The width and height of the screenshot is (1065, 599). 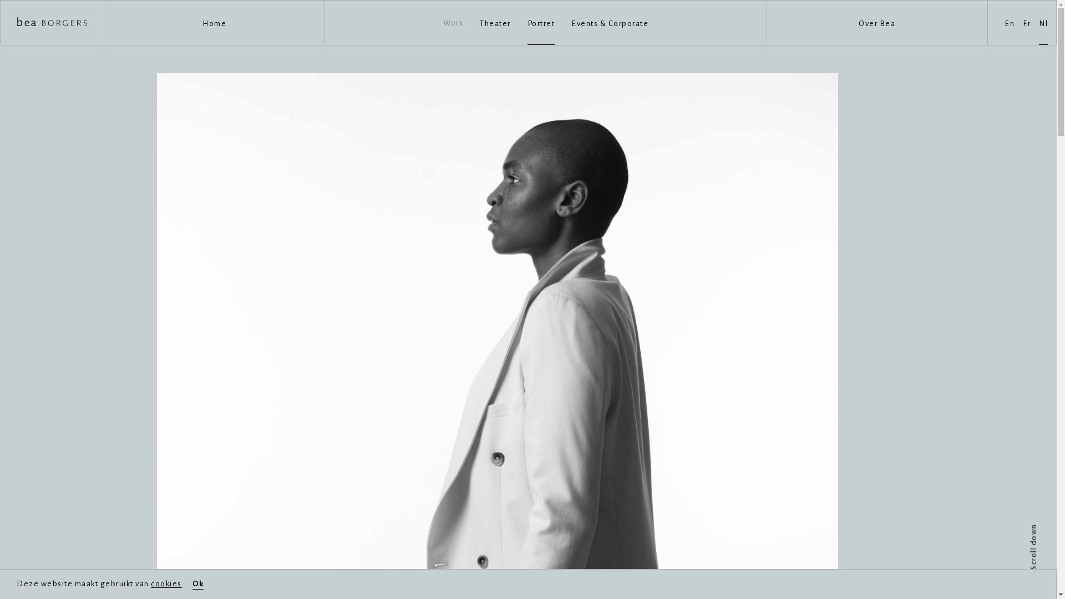 What do you see at coordinates (165, 583) in the screenshot?
I see `'cookies'` at bounding box center [165, 583].